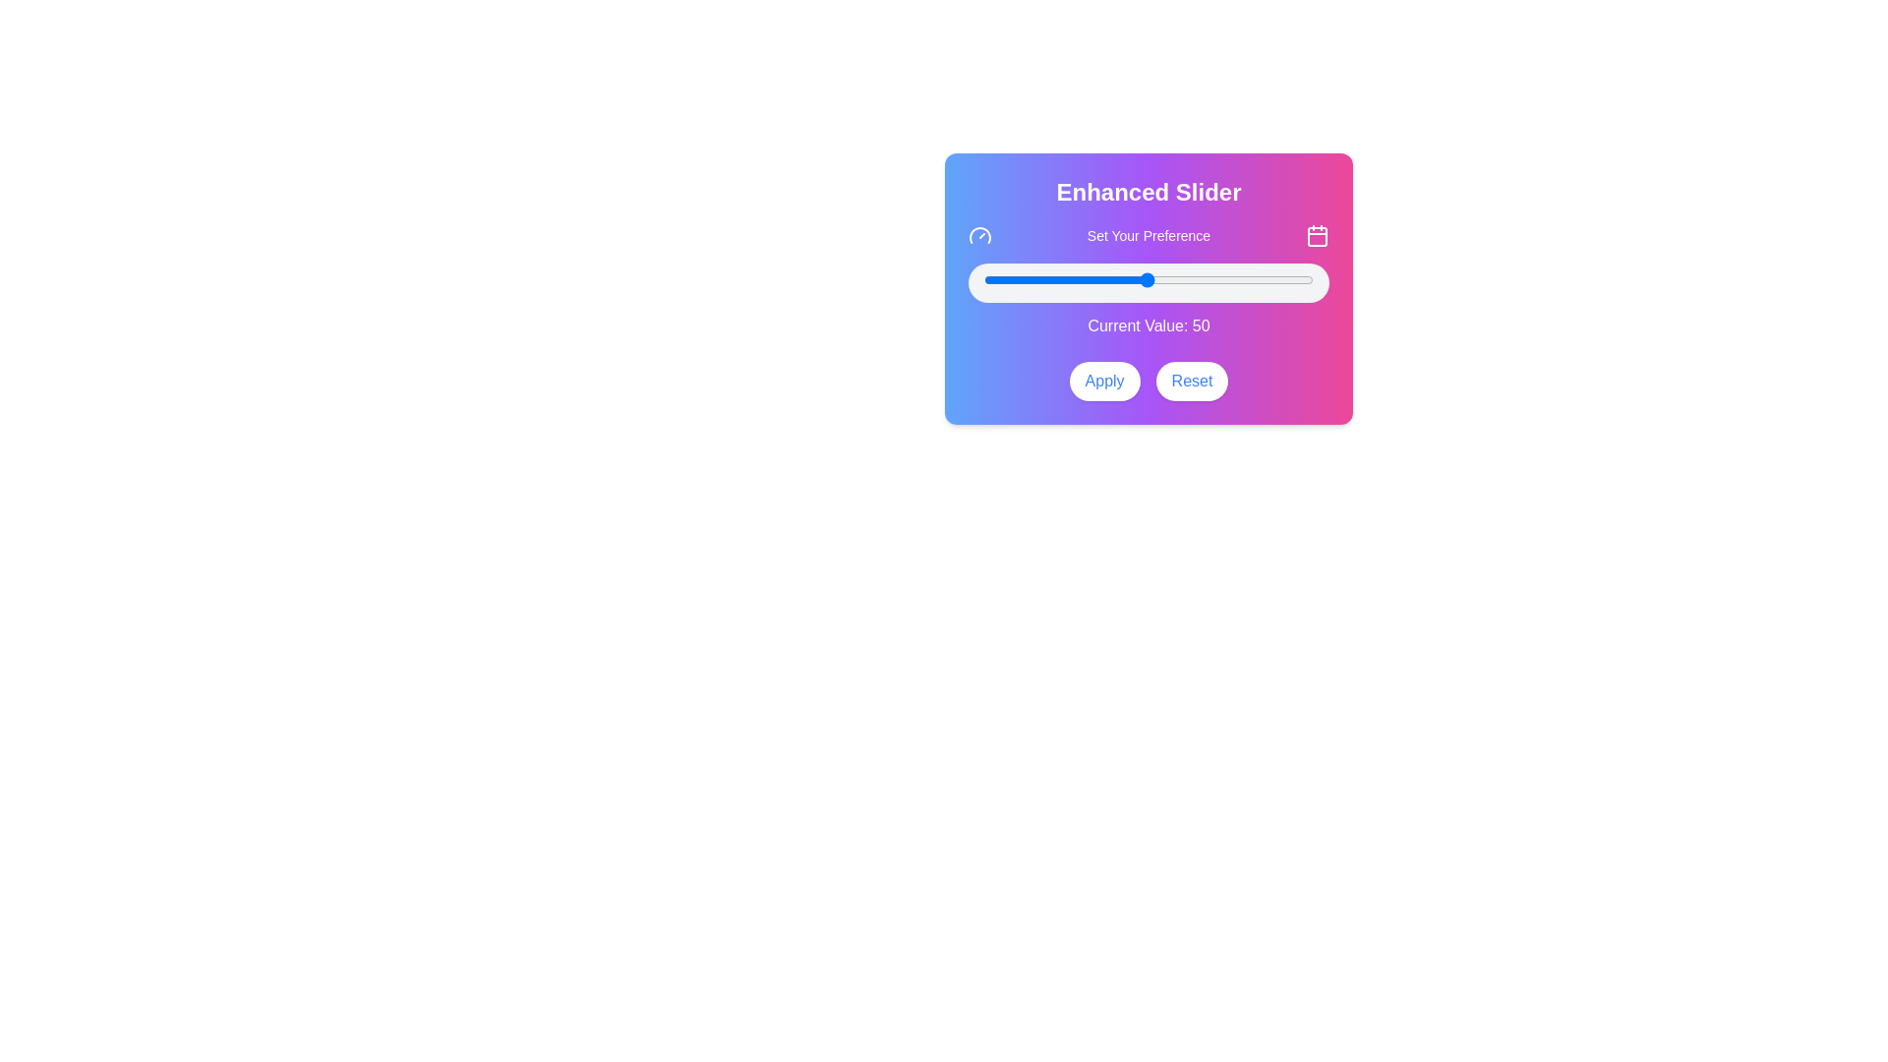 The image size is (1888, 1062). I want to click on the slider, so click(1096, 280).